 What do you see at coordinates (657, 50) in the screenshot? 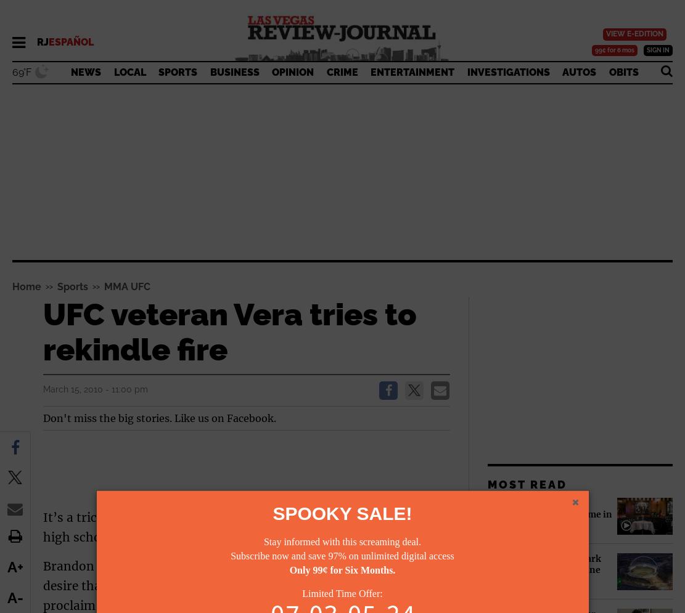
I see `'SIGN IN'` at bounding box center [657, 50].